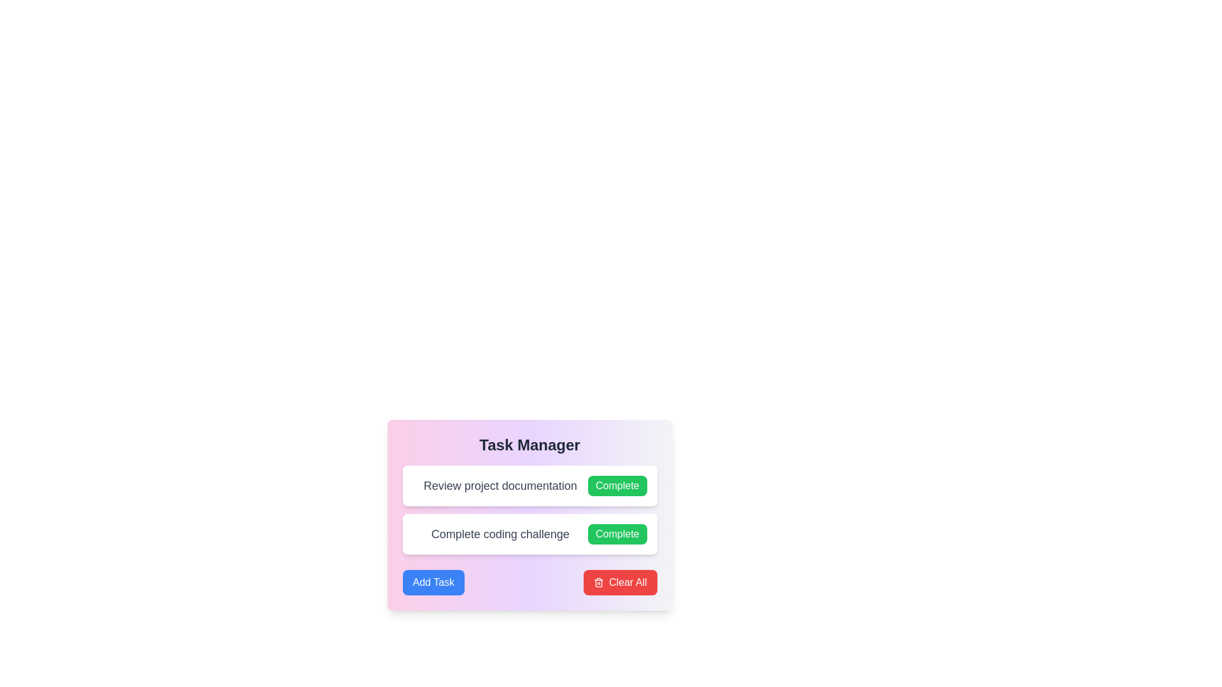 This screenshot has width=1222, height=687. What do you see at coordinates (617, 485) in the screenshot?
I see `the button that marks the task as completed, located to the right of the text 'Review project documentation' in the Task Manager interface, to observe its style change` at bounding box center [617, 485].